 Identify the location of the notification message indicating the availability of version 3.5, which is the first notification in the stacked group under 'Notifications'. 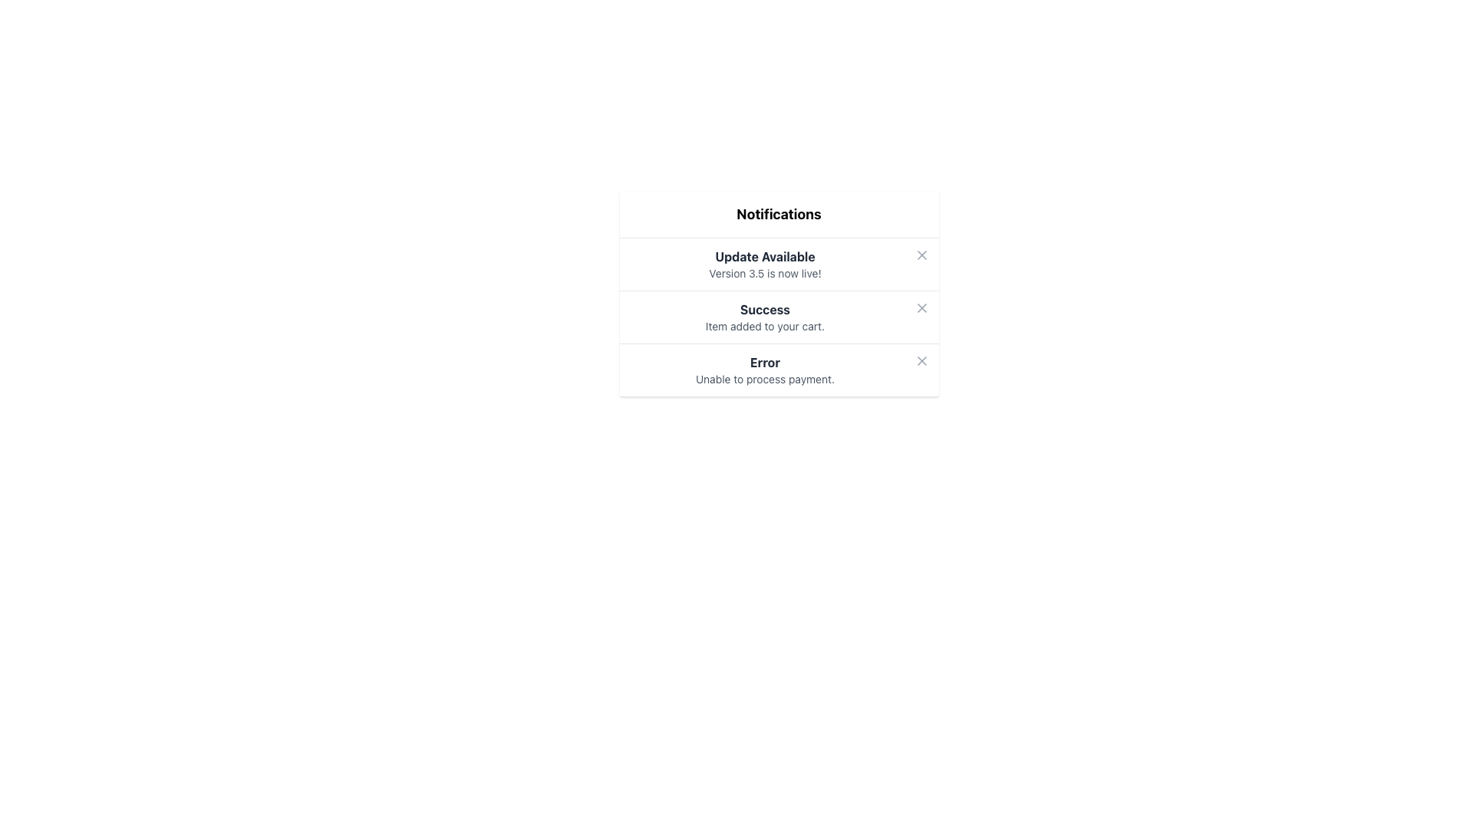
(765, 263).